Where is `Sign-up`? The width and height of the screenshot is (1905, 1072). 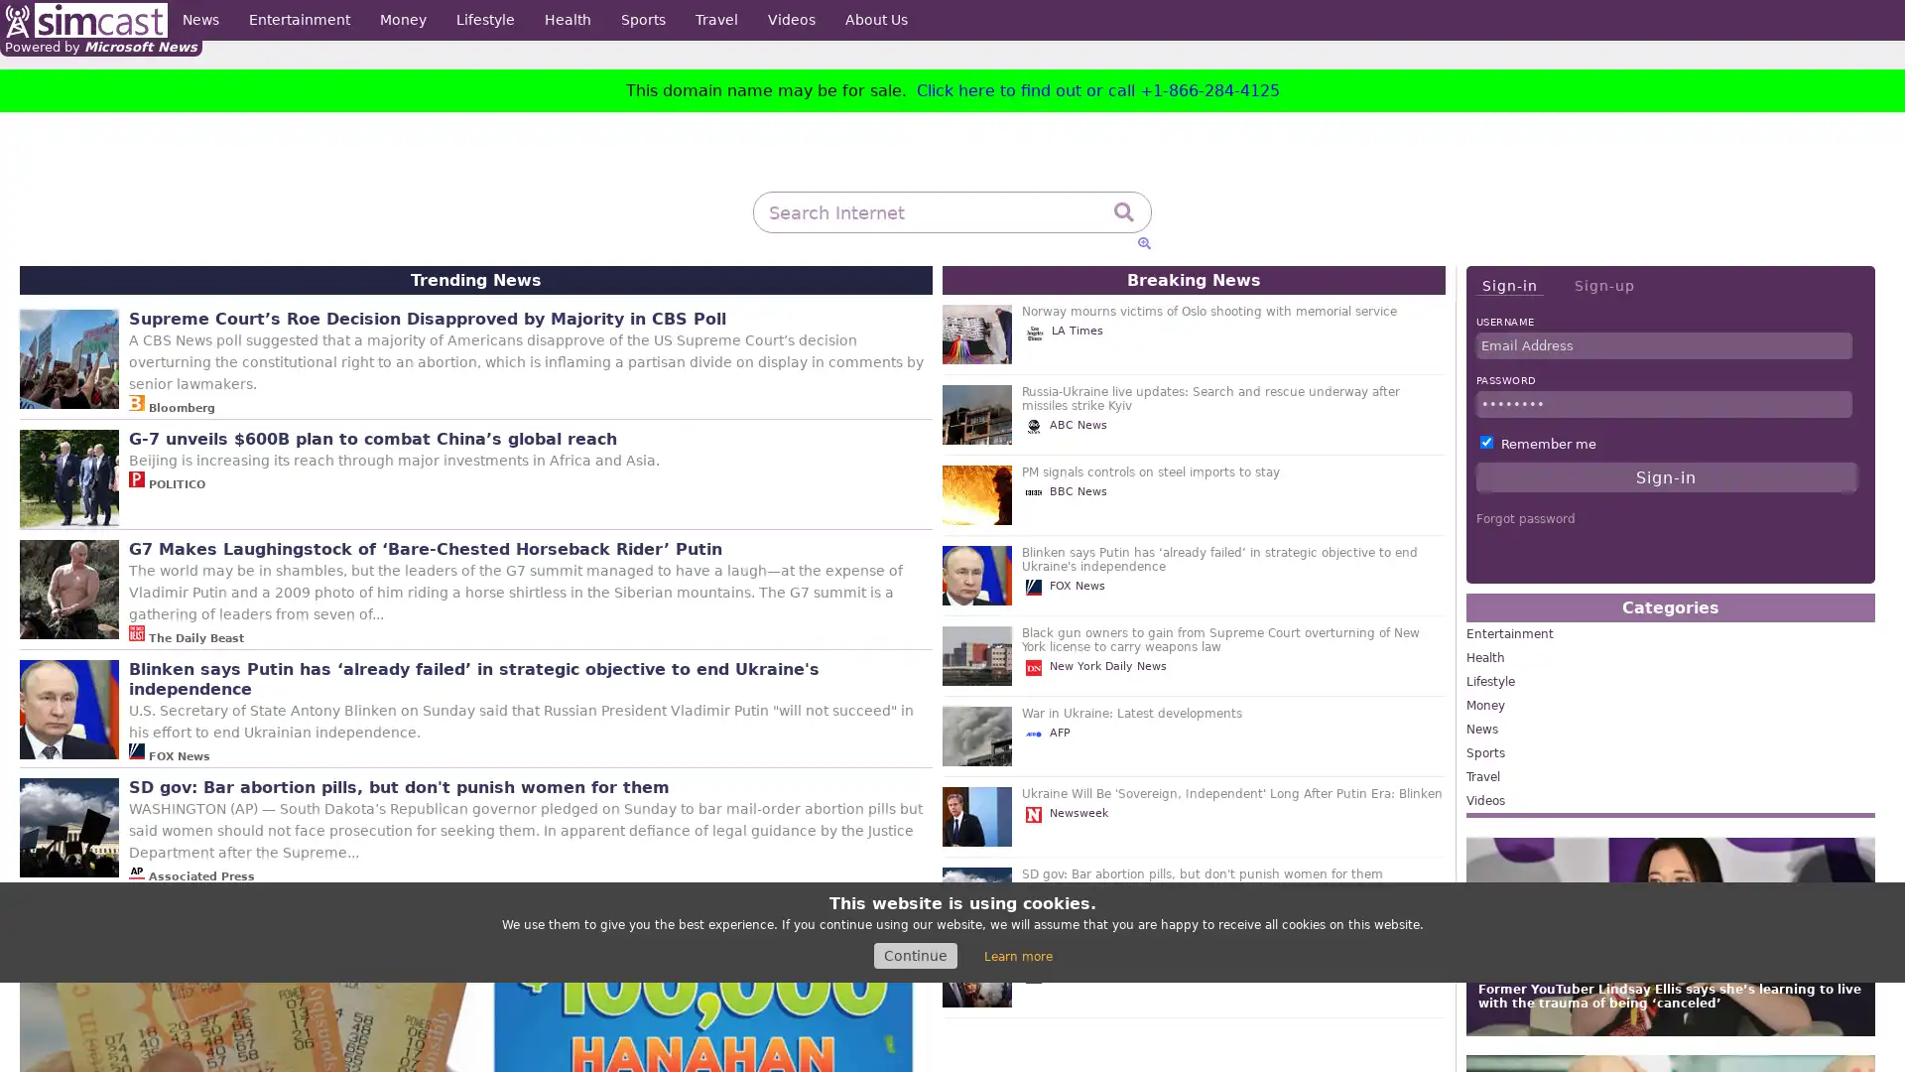
Sign-up is located at coordinates (1603, 286).